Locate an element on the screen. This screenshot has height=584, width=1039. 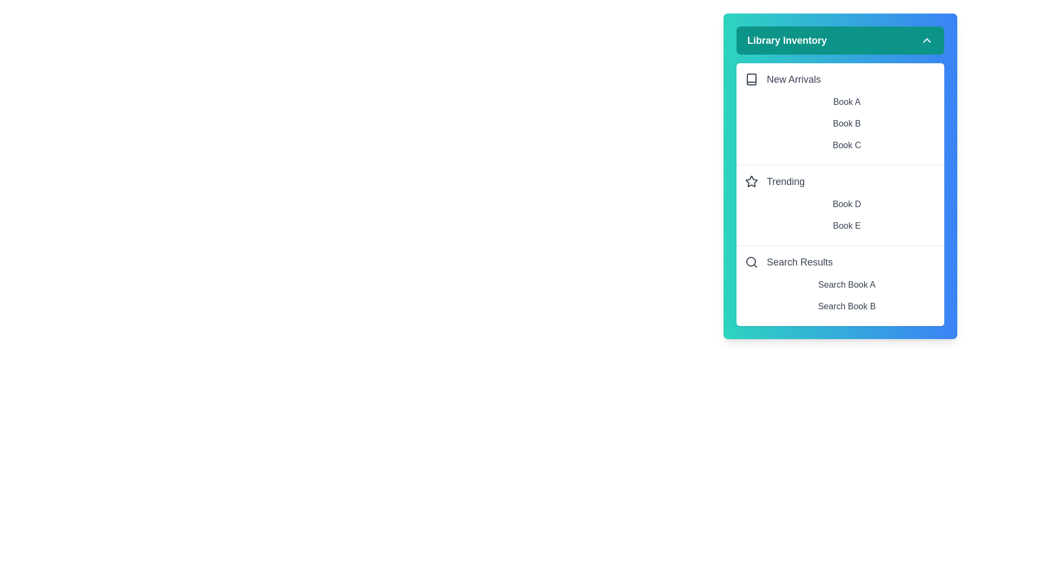
the category Trending to focus on it is located at coordinates (840, 181).